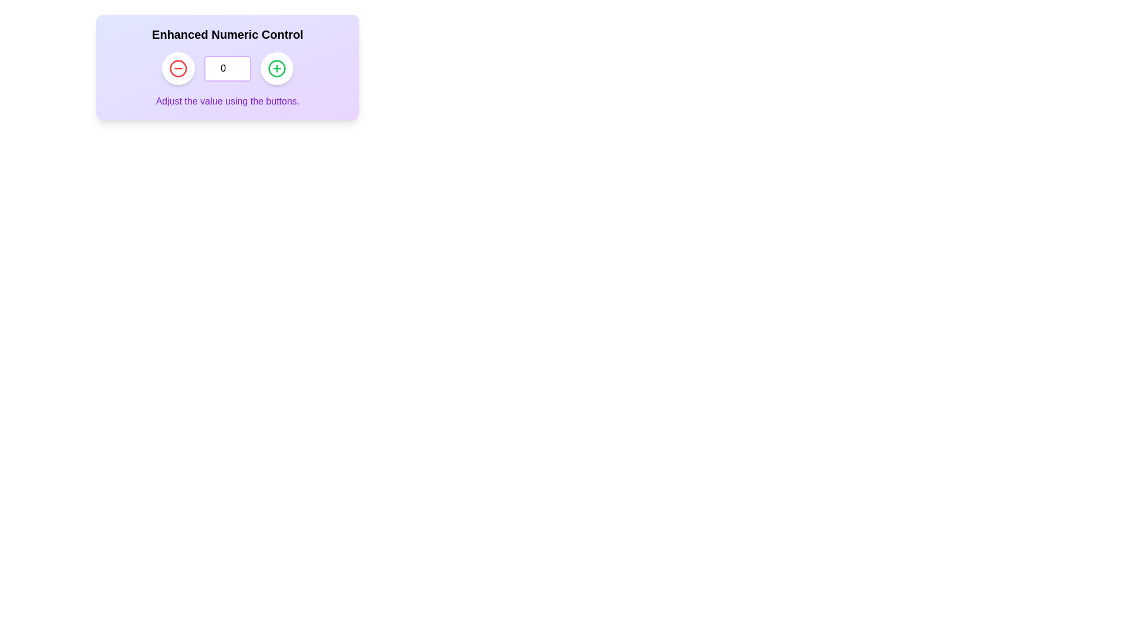 The width and height of the screenshot is (1127, 634). Describe the element at coordinates (276, 68) in the screenshot. I see `the increment button located on the far-right side of the numeric control interface to increase the value displayed in the input field` at that location.